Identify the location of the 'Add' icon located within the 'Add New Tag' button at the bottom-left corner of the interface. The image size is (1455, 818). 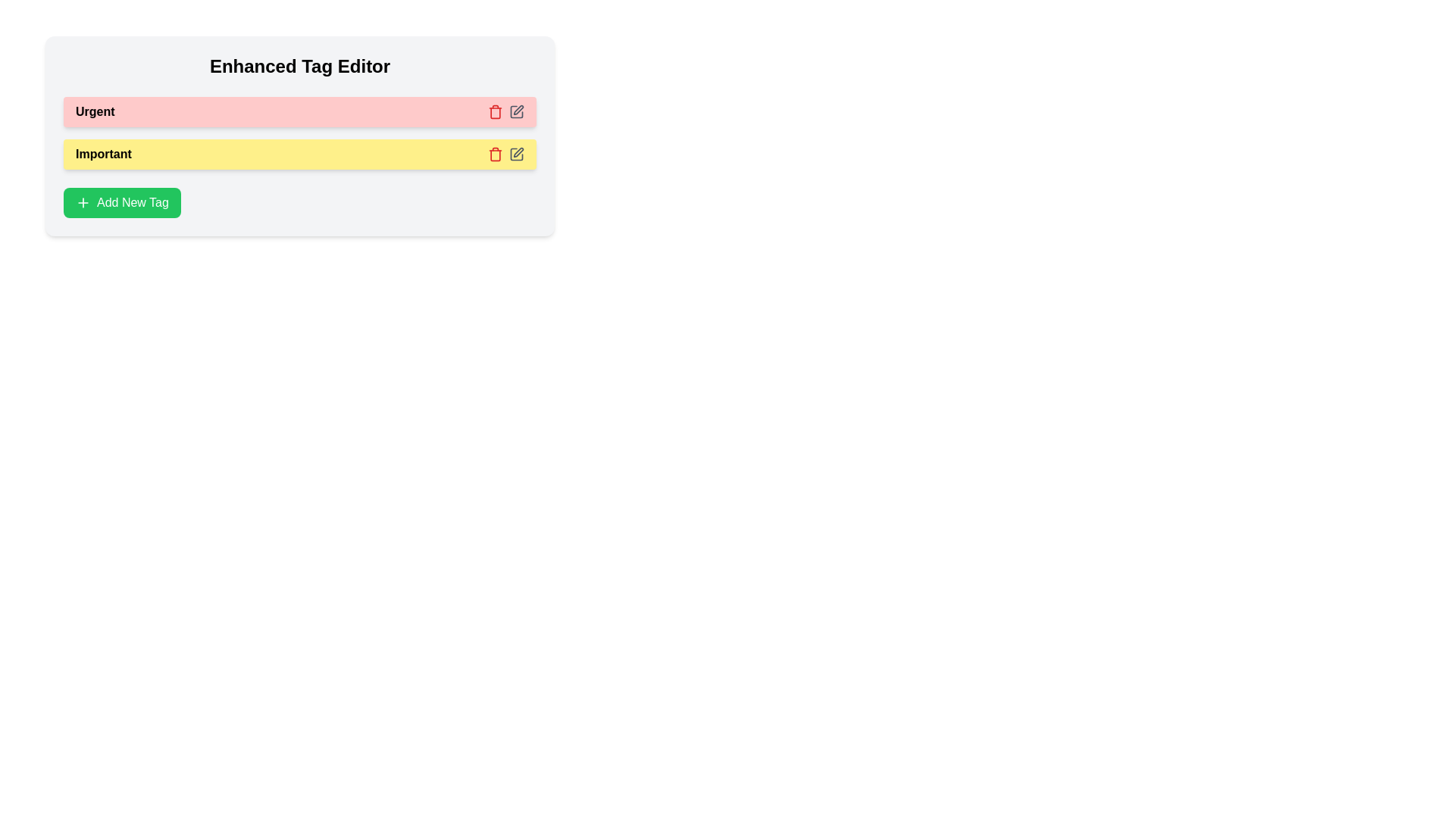
(83, 201).